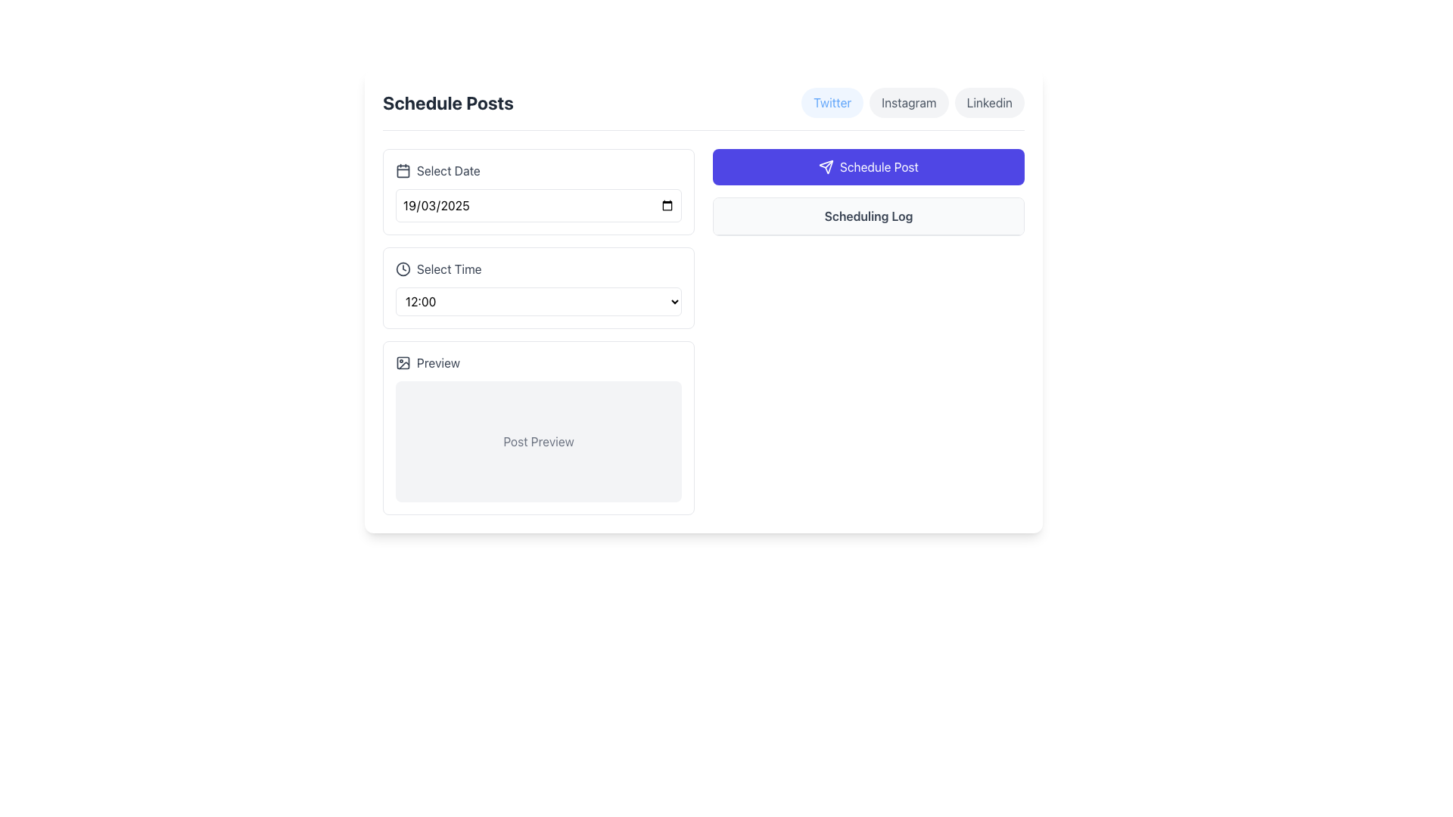 The width and height of the screenshot is (1453, 817). Describe the element at coordinates (825, 166) in the screenshot. I see `the 'Schedule Post' button that features an SVG decorative icon representing the action of post scheduling, located centrally within the button` at that location.